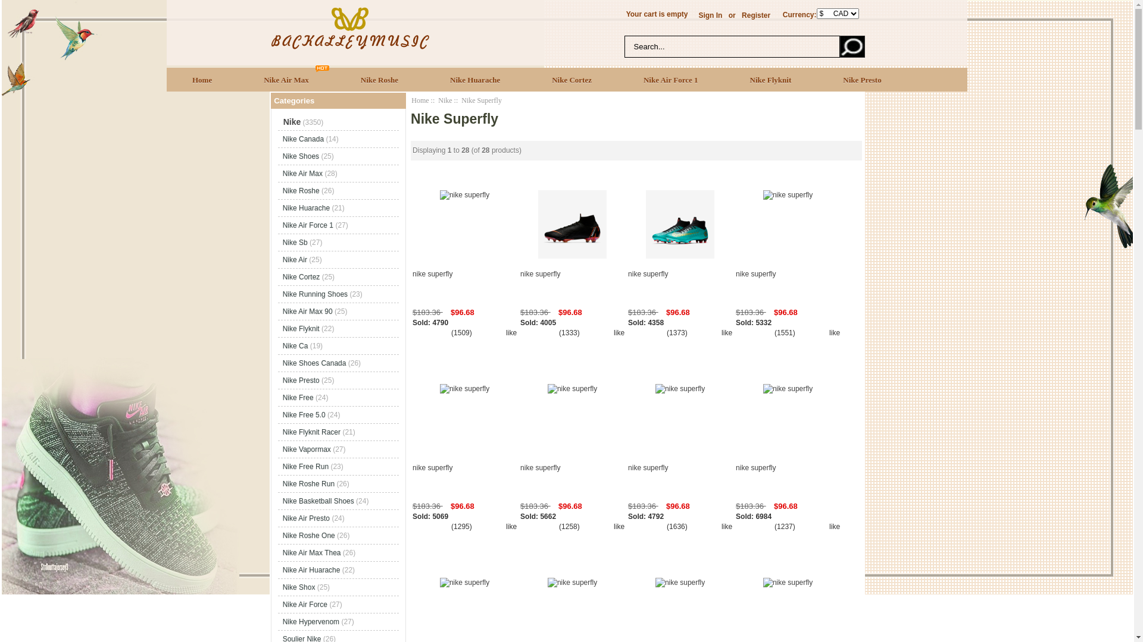 This screenshot has height=642, width=1143. I want to click on ' backalleymusic.ca ', so click(268, 27).